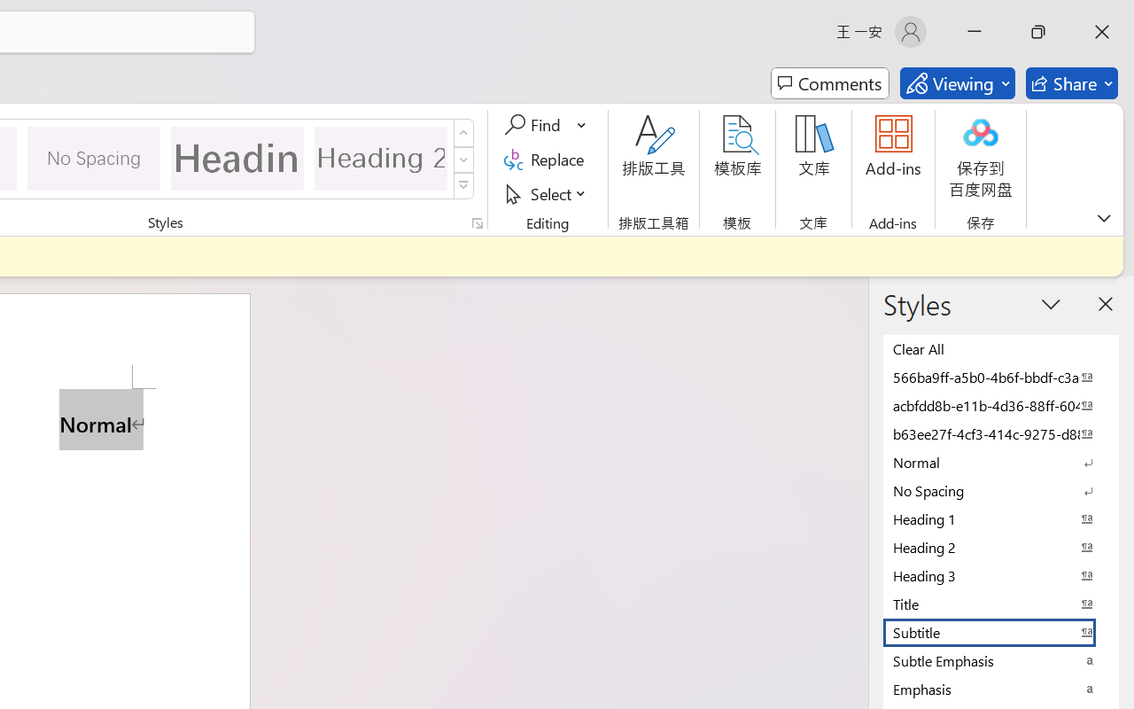 The height and width of the screenshot is (709, 1134). I want to click on 'Select', so click(547, 193).